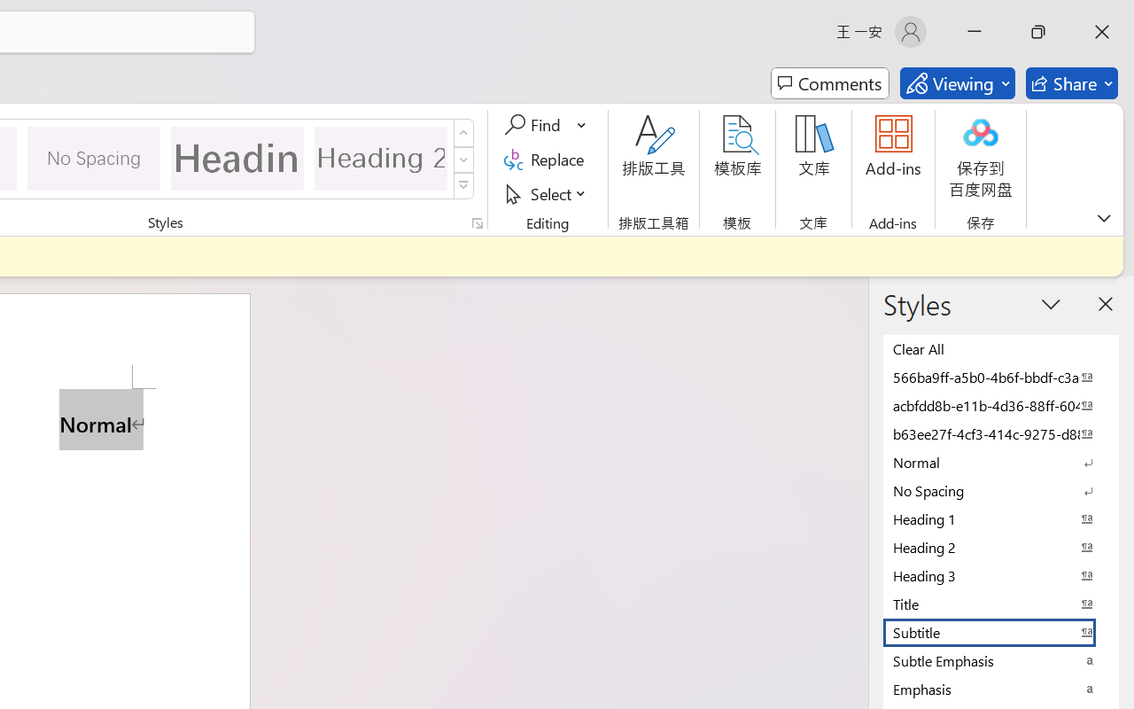 The height and width of the screenshot is (709, 1134). I want to click on 'Select', so click(547, 193).